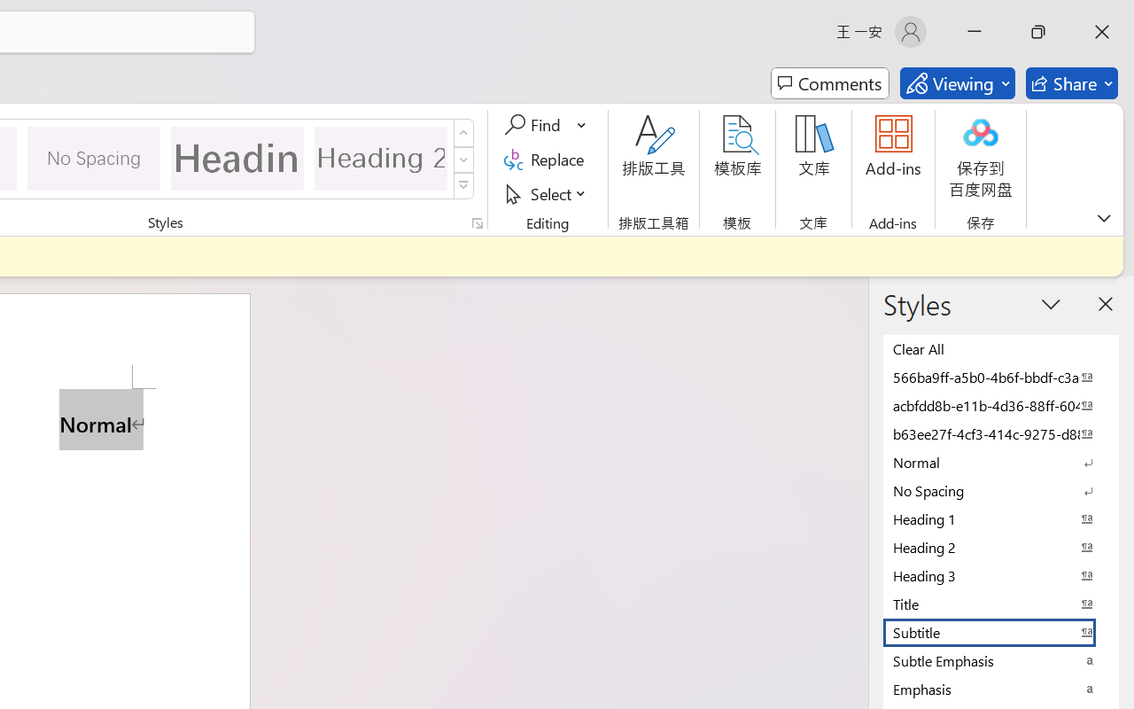 The height and width of the screenshot is (709, 1134). I want to click on 'Select', so click(547, 193).